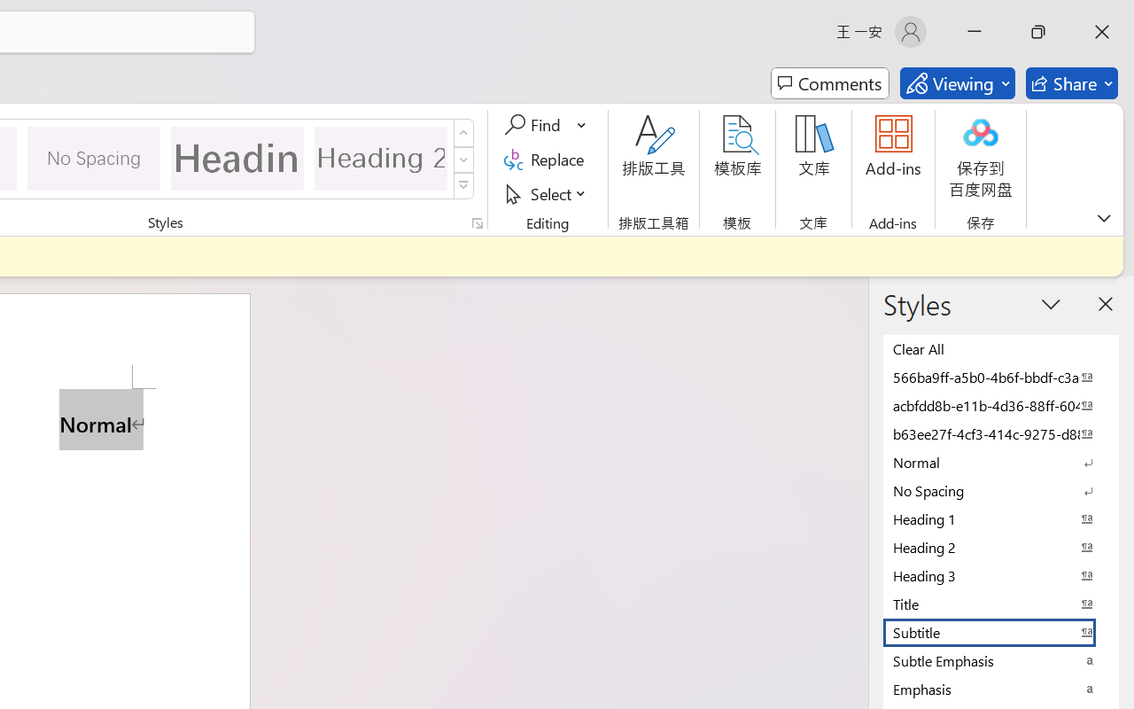 The height and width of the screenshot is (709, 1134). I want to click on 'Select', so click(547, 193).